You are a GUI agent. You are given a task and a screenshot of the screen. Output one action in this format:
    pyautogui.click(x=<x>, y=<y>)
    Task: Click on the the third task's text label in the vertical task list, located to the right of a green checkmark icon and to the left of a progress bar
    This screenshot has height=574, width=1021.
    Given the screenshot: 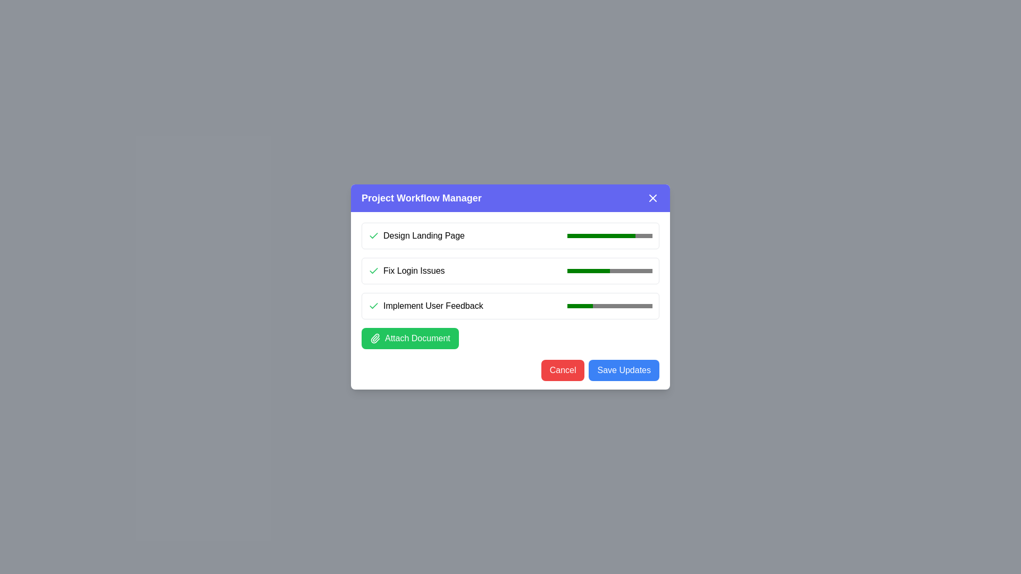 What is the action you would take?
    pyautogui.click(x=433, y=306)
    